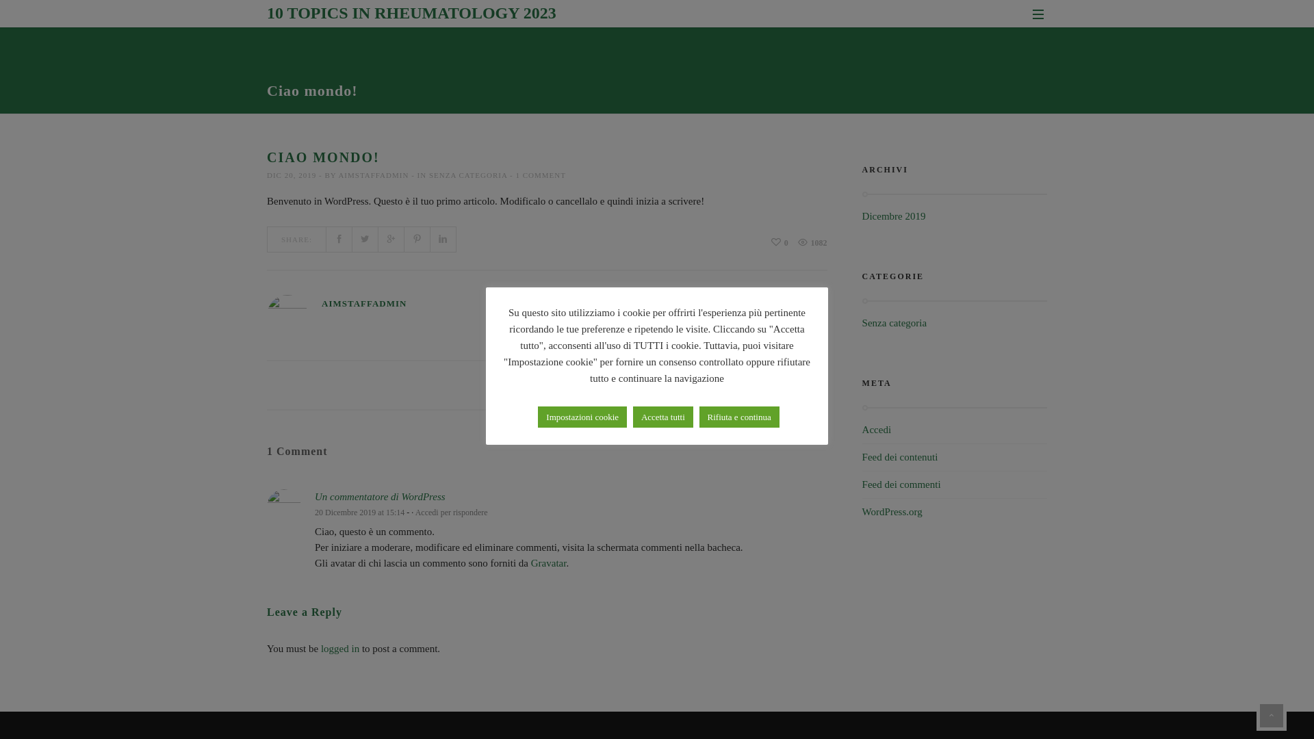  I want to click on 'Impostazioni cookie', so click(582, 416).